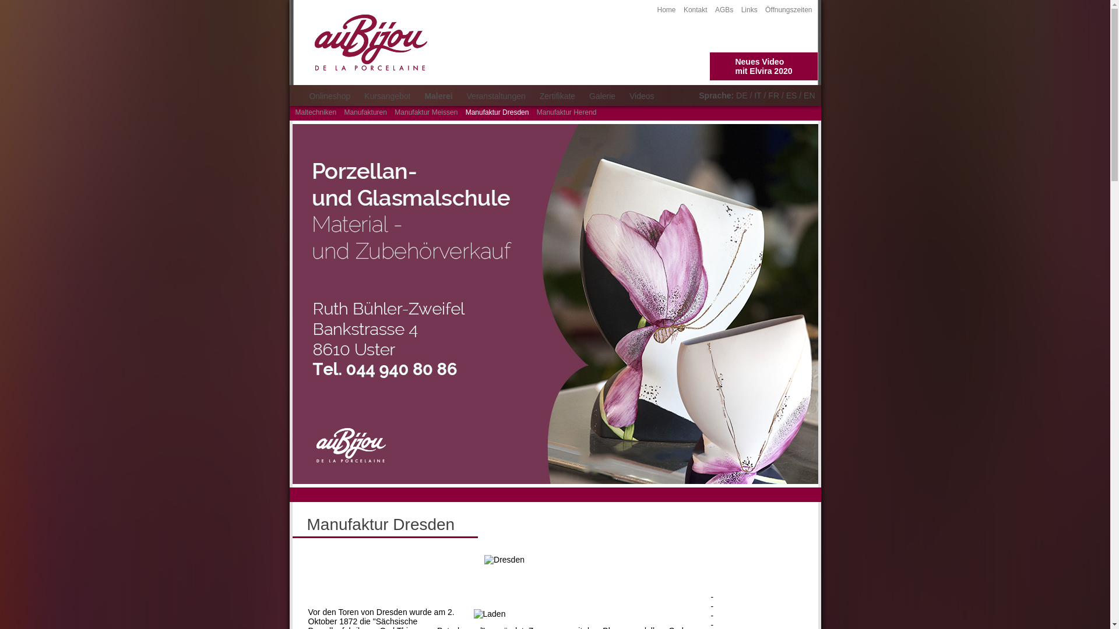 This screenshot has width=1119, height=629. Describe the element at coordinates (425, 112) in the screenshot. I see `'Manufaktur Meissen'` at that location.